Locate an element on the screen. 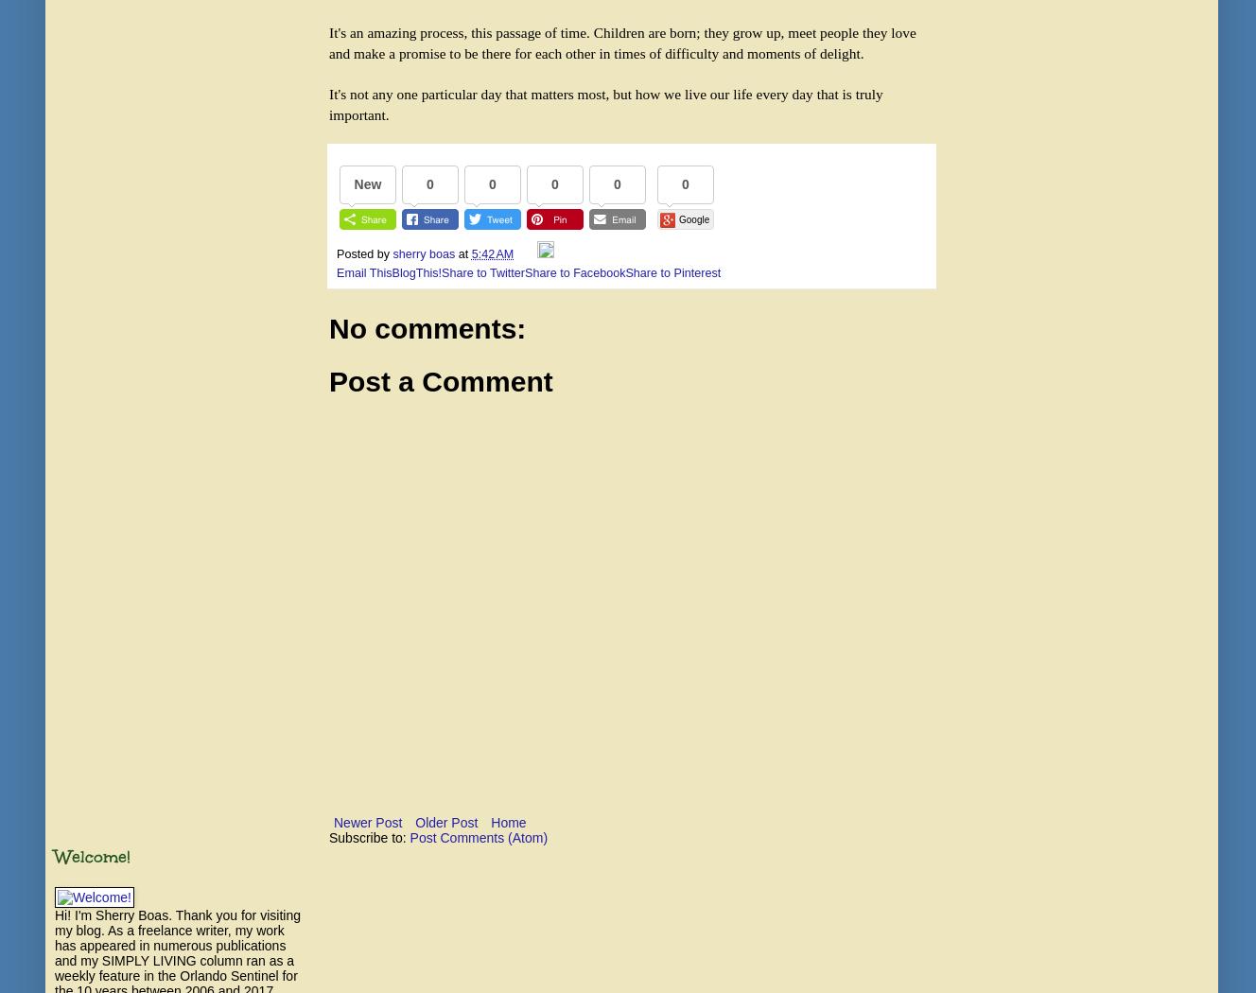  'Post Comments (Atom)' is located at coordinates (410, 836).